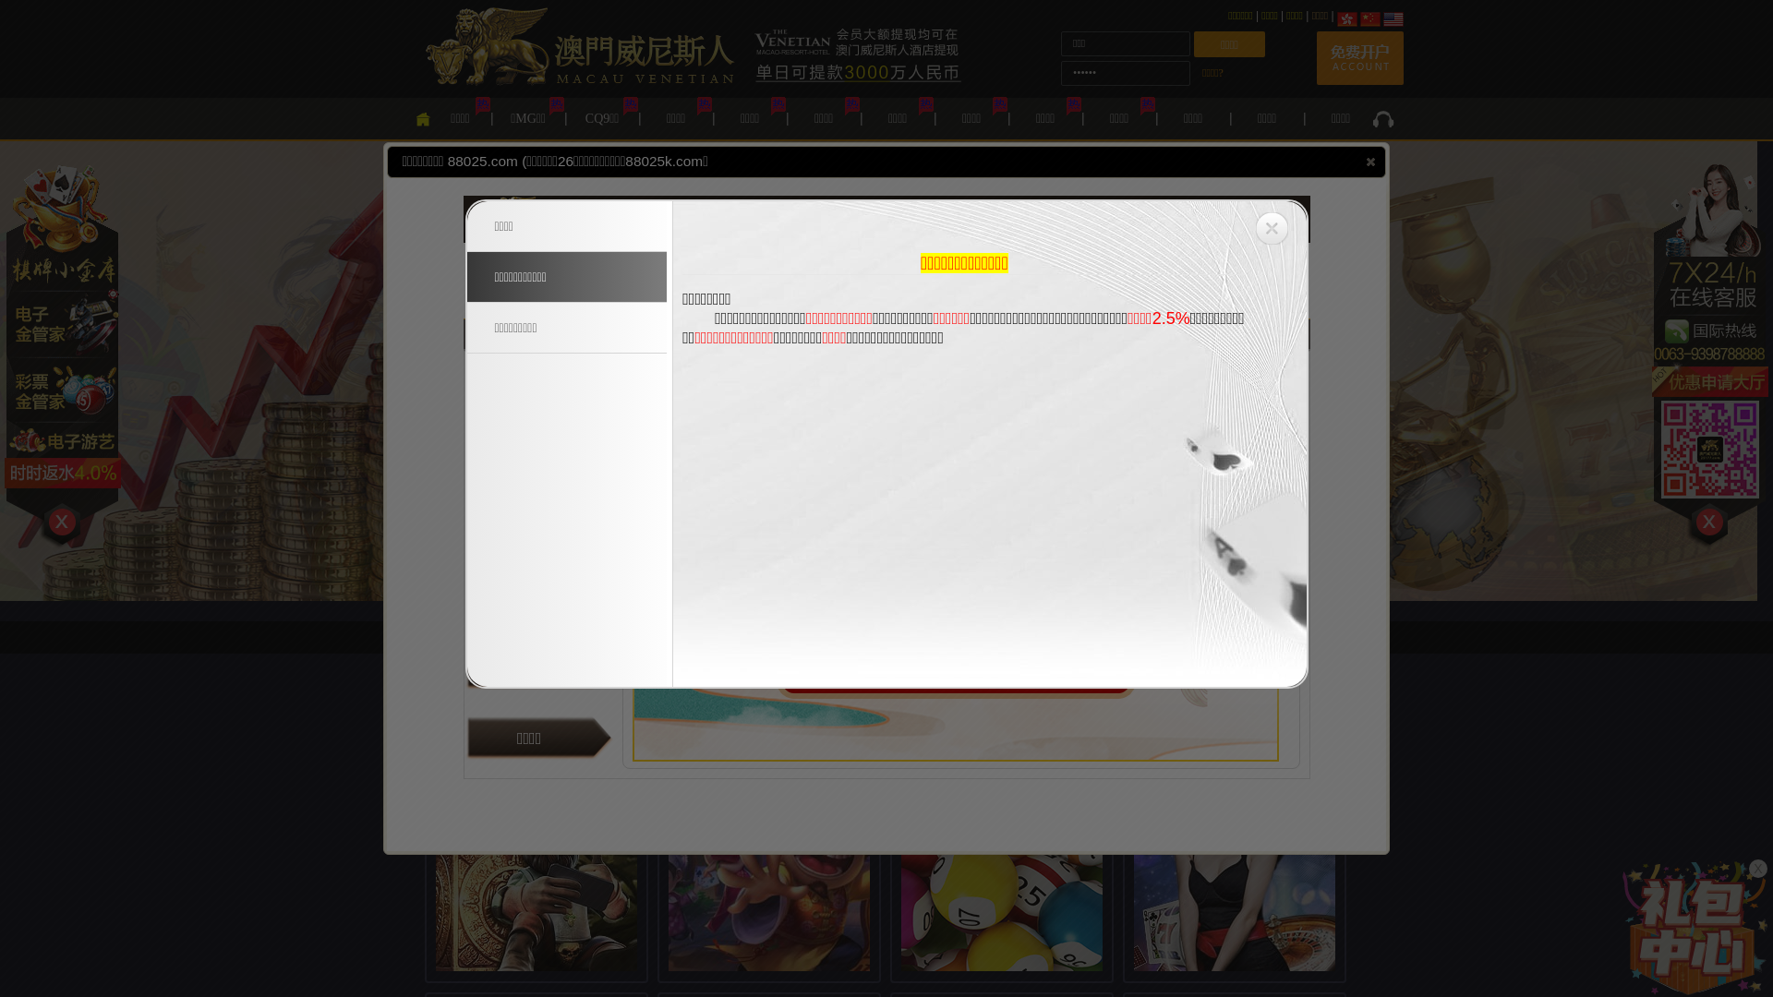 The image size is (1773, 997). I want to click on 'X', so click(1757, 869).